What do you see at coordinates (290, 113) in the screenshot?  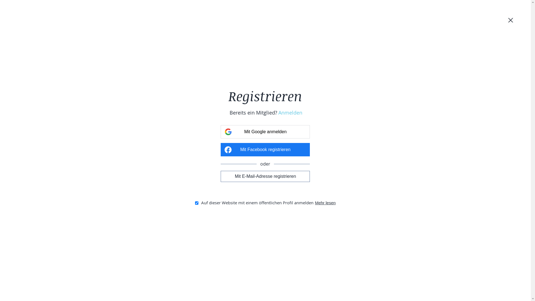 I see `'Anmelden'` at bounding box center [290, 113].